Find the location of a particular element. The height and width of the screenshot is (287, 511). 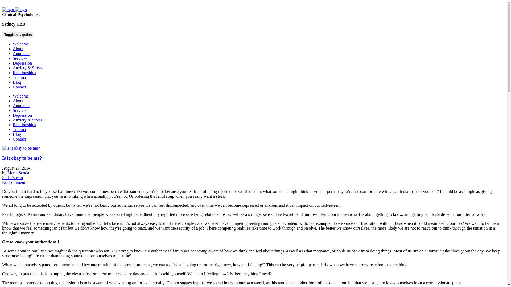

'Trauma' is located at coordinates (19, 129).